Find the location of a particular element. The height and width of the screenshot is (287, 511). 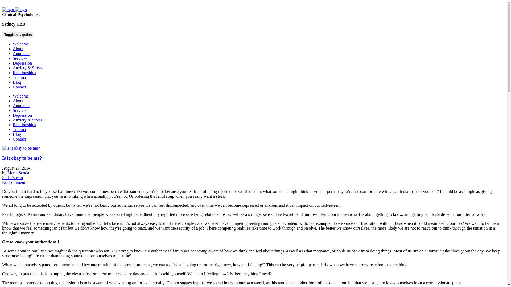

'Trauma' is located at coordinates (19, 129).